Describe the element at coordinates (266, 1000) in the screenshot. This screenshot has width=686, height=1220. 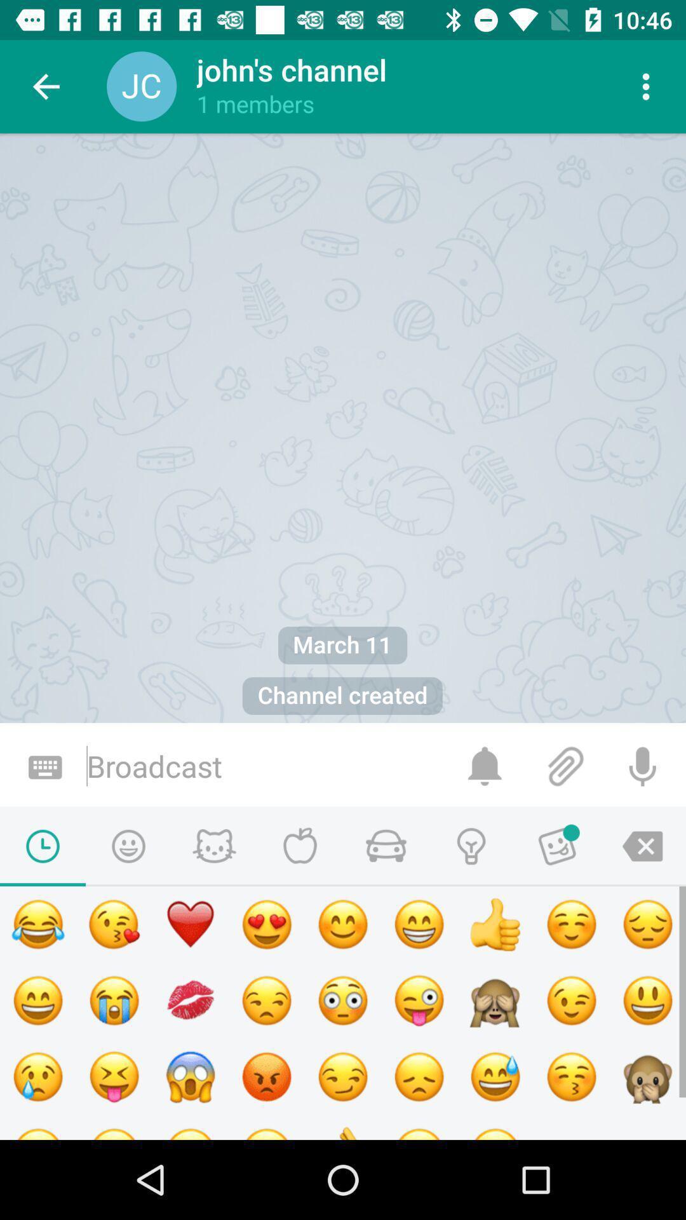
I see `the emoji icon` at that location.